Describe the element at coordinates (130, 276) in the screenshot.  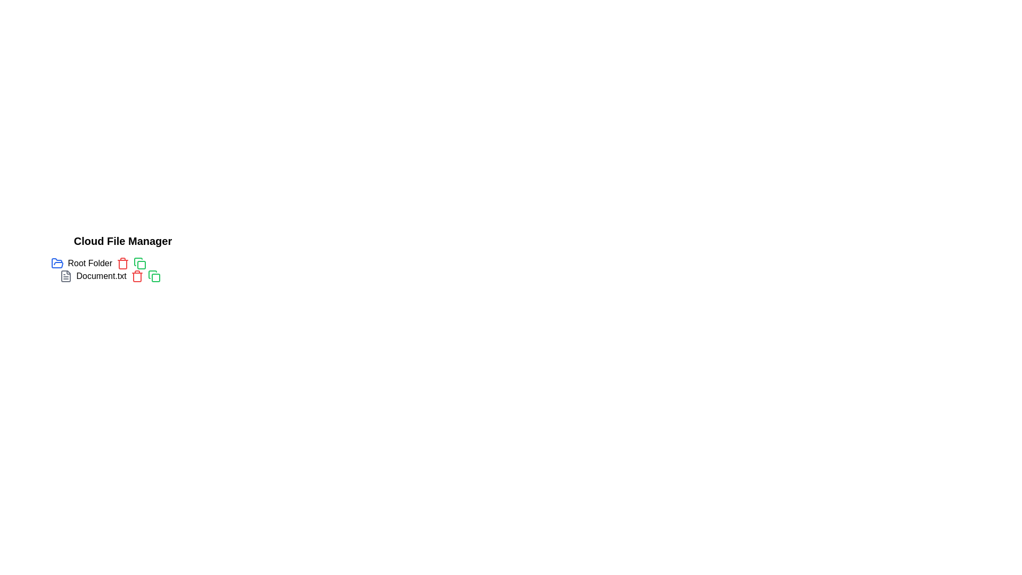
I see `the copy button associated with the file entry located below the 'Root Folder' in the 'Cloud File Manager' to duplicate the file` at that location.